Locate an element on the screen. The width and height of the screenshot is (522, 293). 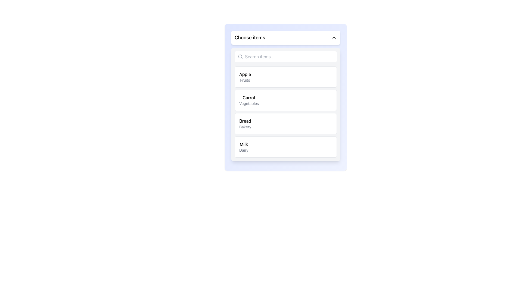
the decorative circular part of the magnifying glass icon in the search bar located at the top of the dropdown panel, to the left of the text input field is located at coordinates (240, 56).